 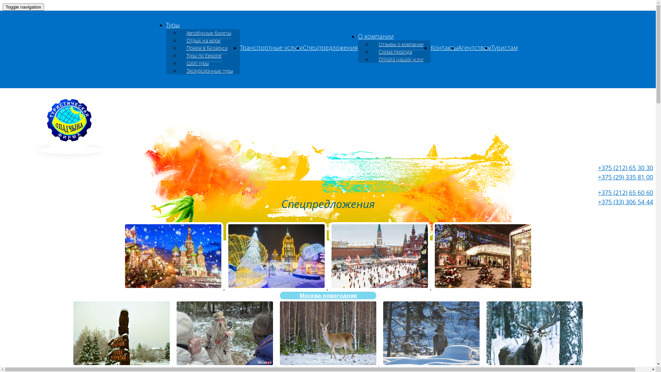 What do you see at coordinates (23, 7) in the screenshot?
I see `'Toggle navigation'` at bounding box center [23, 7].